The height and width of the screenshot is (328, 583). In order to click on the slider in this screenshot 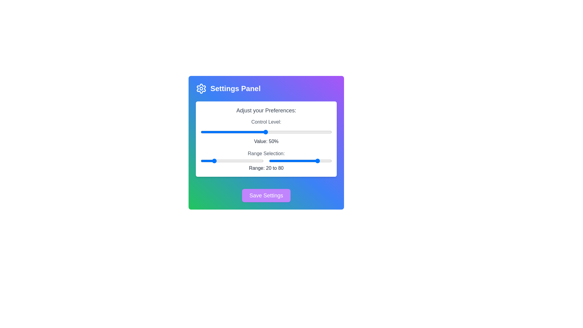, I will do `click(241, 160)`.